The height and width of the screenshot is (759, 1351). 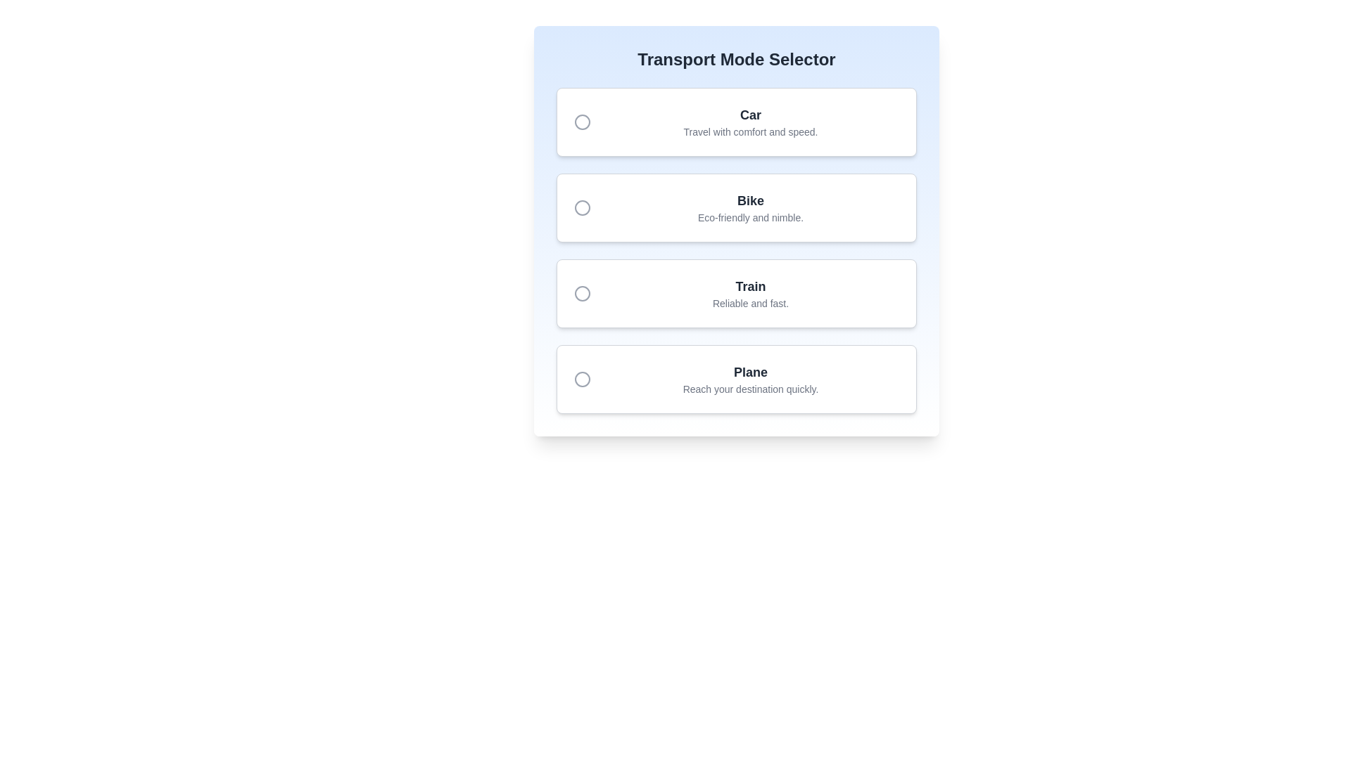 I want to click on the radio button indicating the 'Bike' option in the transport mode selection interface, so click(x=583, y=208).